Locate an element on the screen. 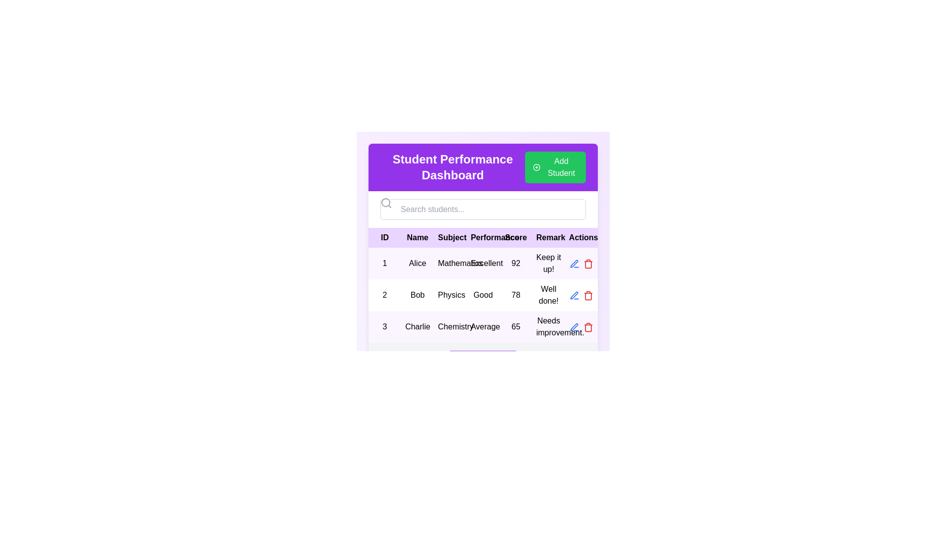  the magnifying glass icon, which represents the search functionality, positioned to the left of the input field labeled 'Search students...' is located at coordinates (385, 202).